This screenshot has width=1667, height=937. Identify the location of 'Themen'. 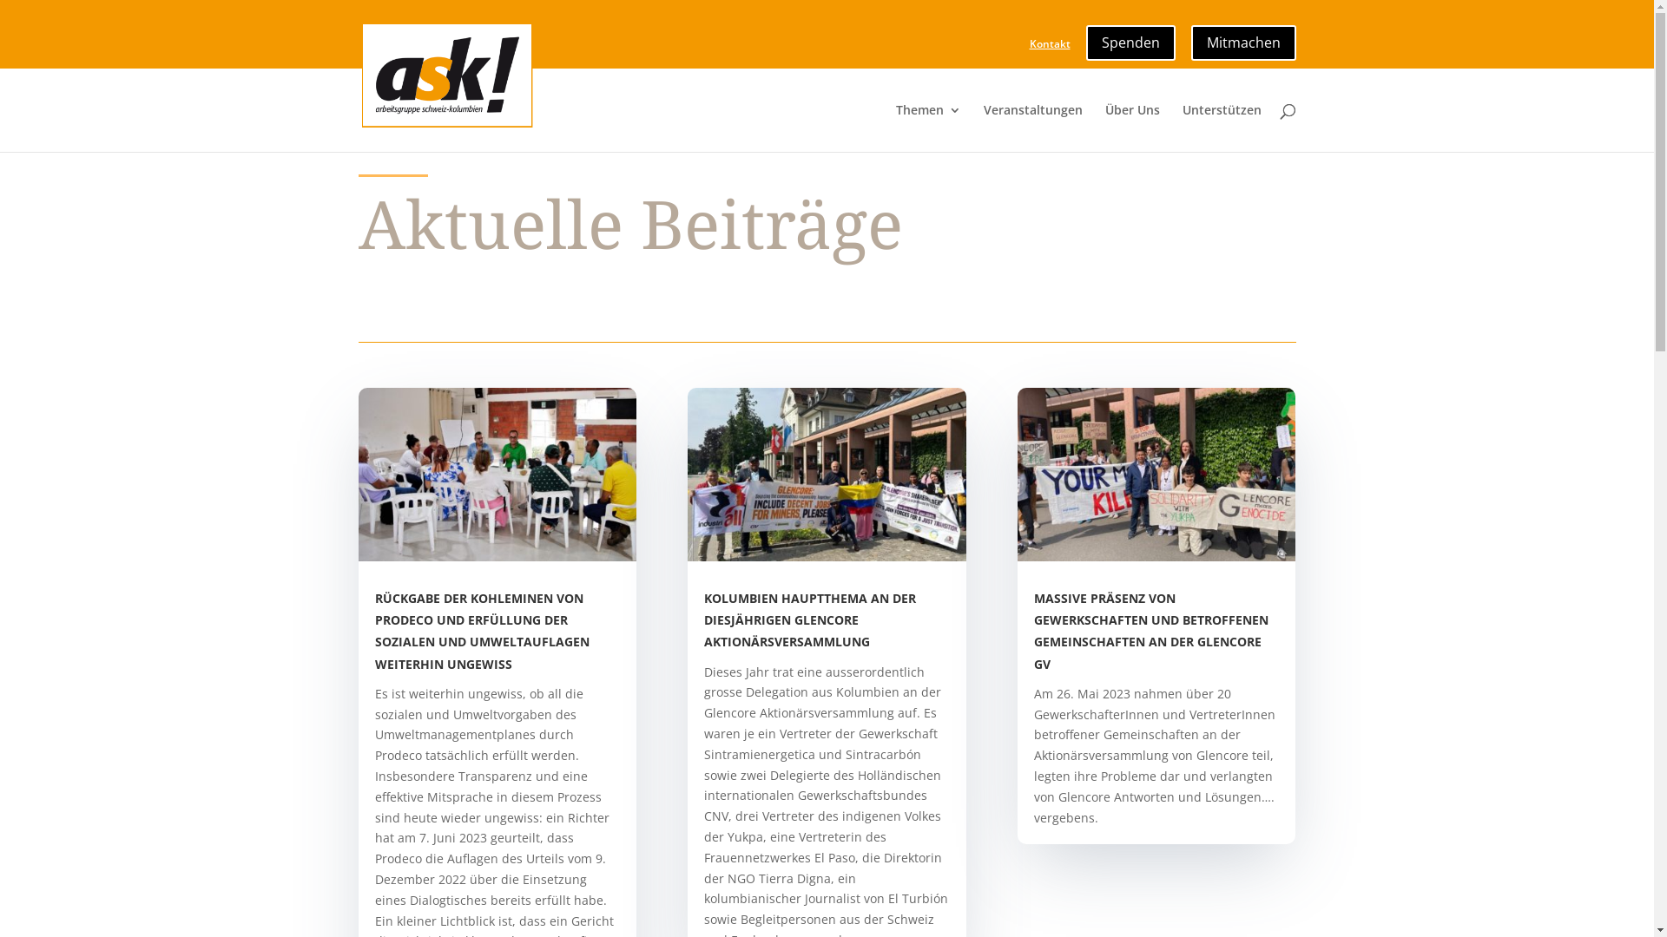
(927, 127).